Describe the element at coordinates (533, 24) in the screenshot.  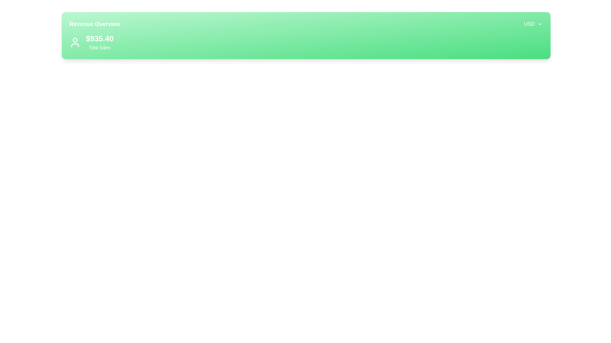
I see `the currency dropdown menu labeled 'USD' located at the top right corner of the interface to change the currency` at that location.